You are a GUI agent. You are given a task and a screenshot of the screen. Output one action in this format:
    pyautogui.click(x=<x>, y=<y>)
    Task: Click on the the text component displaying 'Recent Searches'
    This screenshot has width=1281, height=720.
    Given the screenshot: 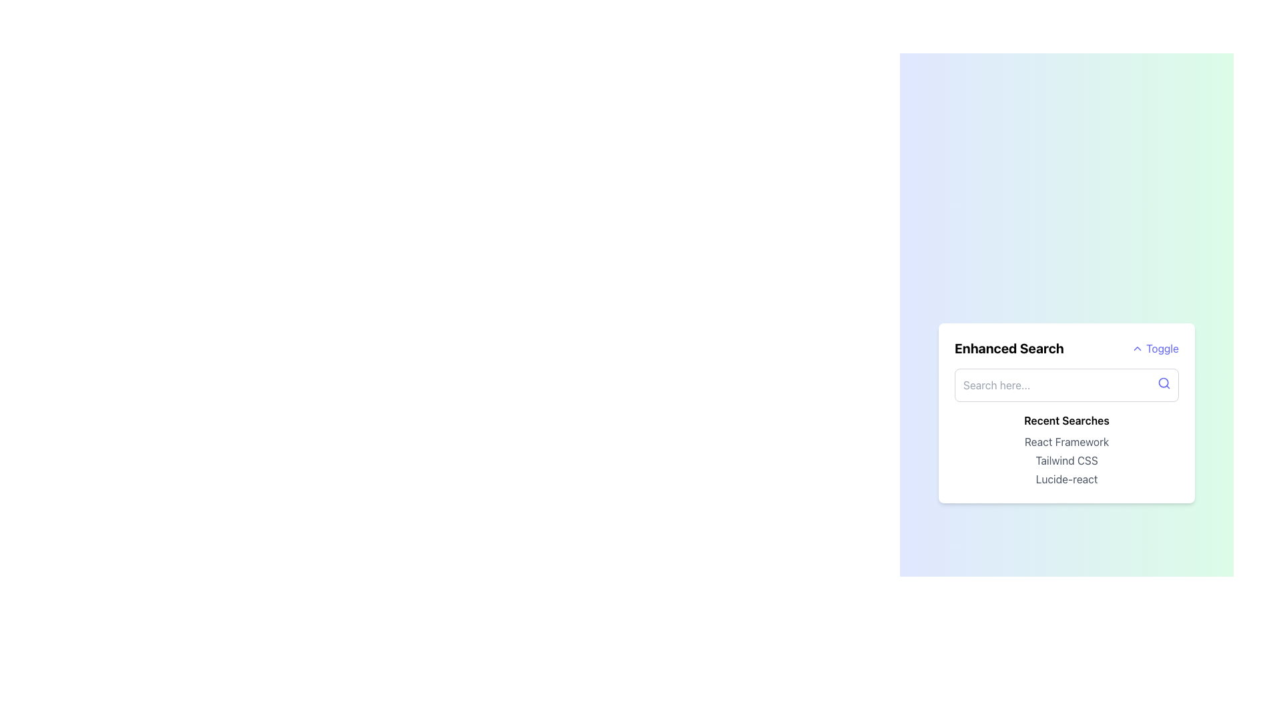 What is the action you would take?
    pyautogui.click(x=1065, y=421)
    